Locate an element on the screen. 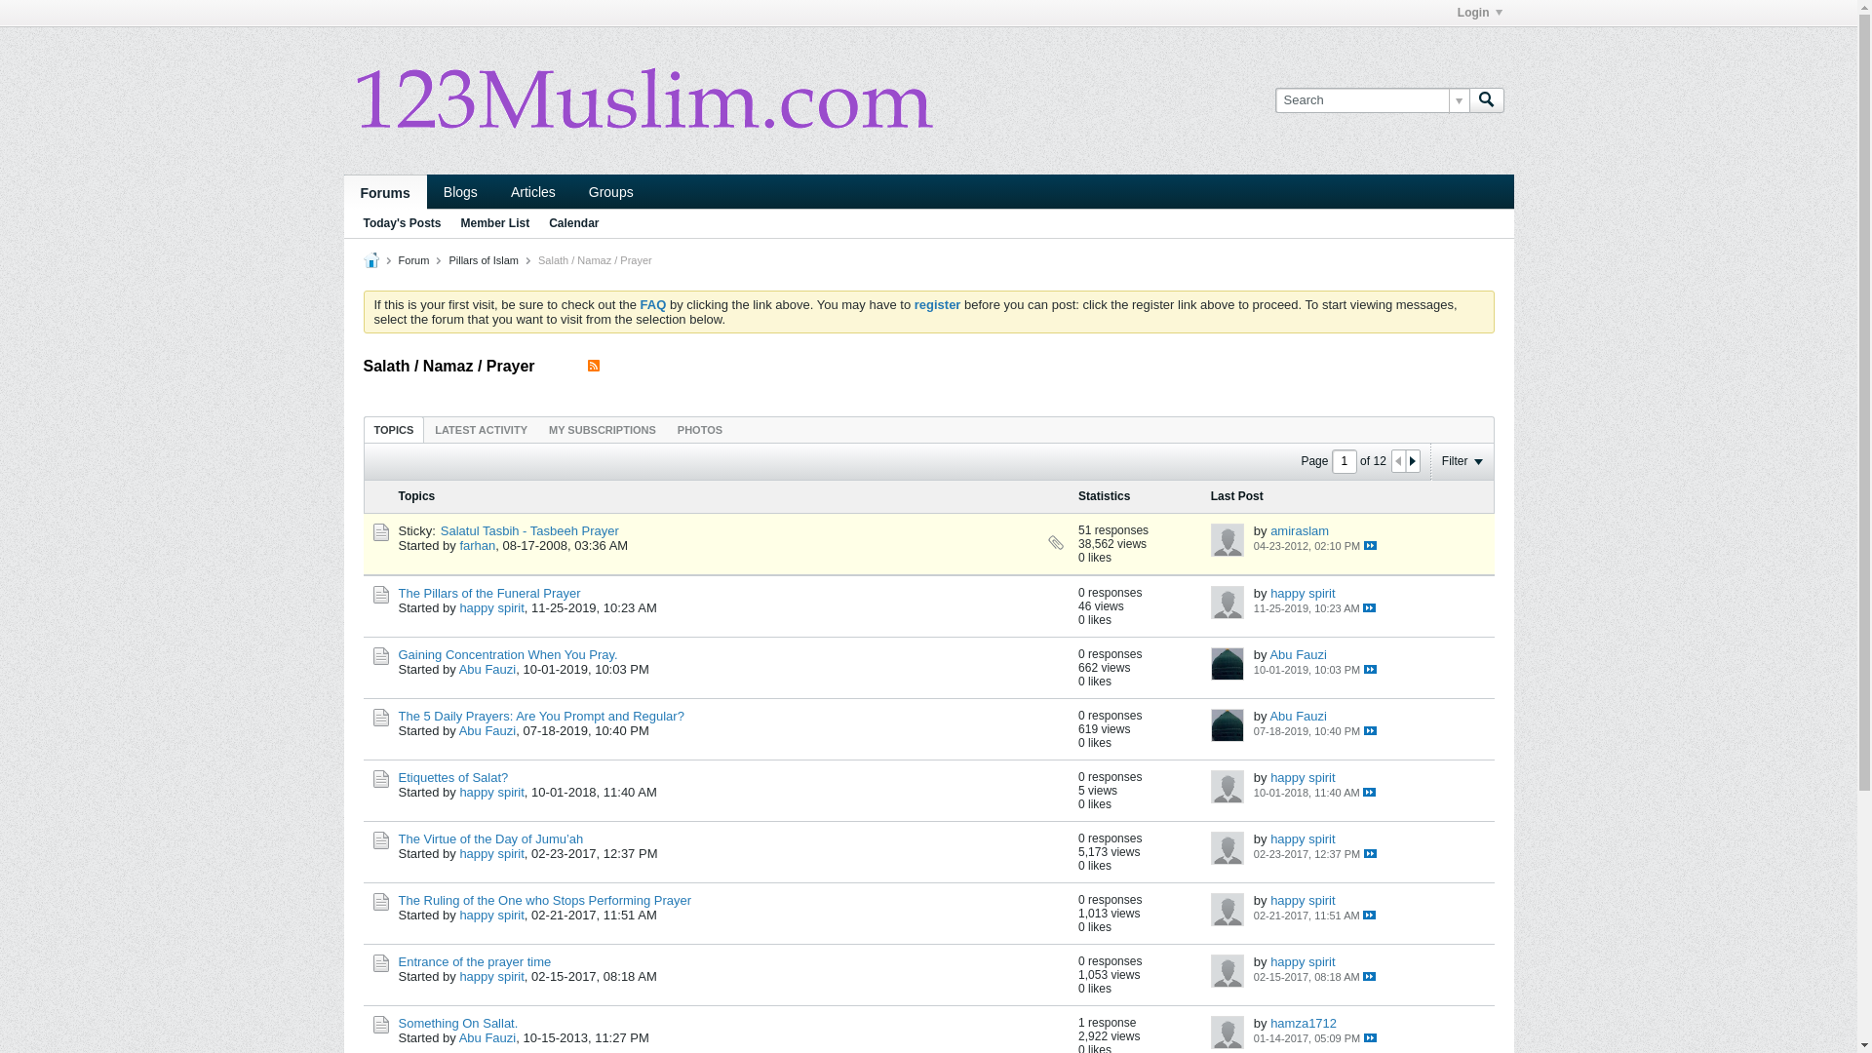  'Blogs' is located at coordinates (459, 191).